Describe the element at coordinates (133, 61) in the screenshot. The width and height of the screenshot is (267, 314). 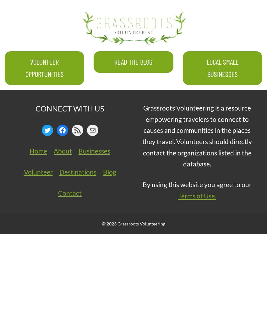
I see `'Read The Blog'` at that location.